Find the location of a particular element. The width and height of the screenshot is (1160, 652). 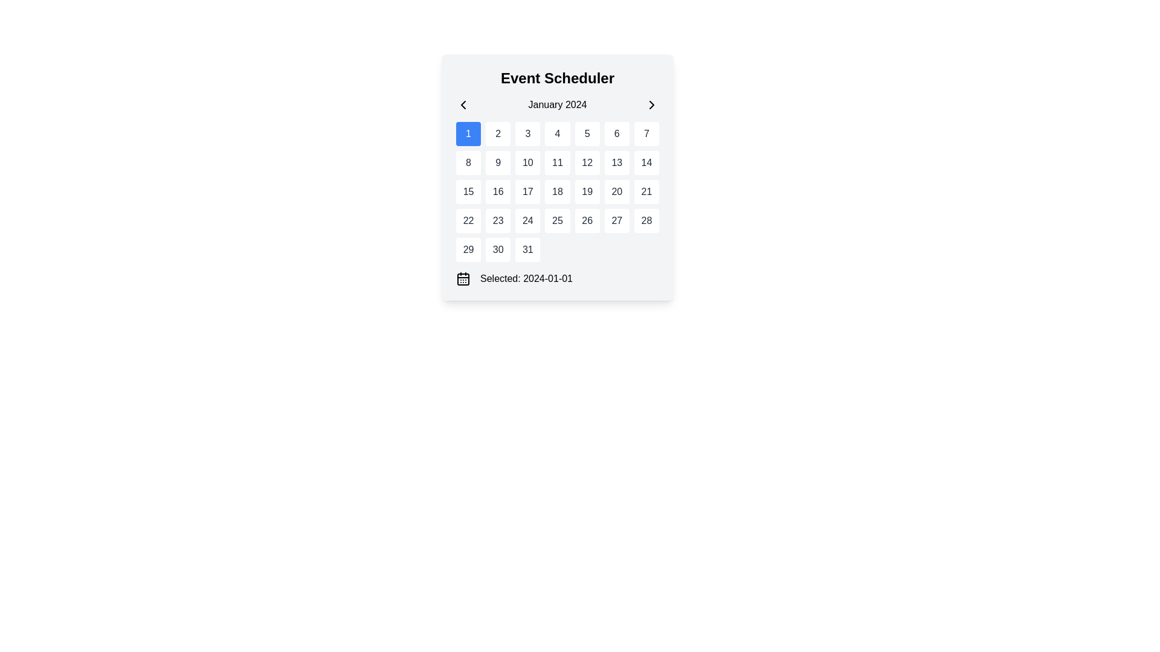

the button representing the fifth day of the displayed month in the date picker is located at coordinates (587, 134).